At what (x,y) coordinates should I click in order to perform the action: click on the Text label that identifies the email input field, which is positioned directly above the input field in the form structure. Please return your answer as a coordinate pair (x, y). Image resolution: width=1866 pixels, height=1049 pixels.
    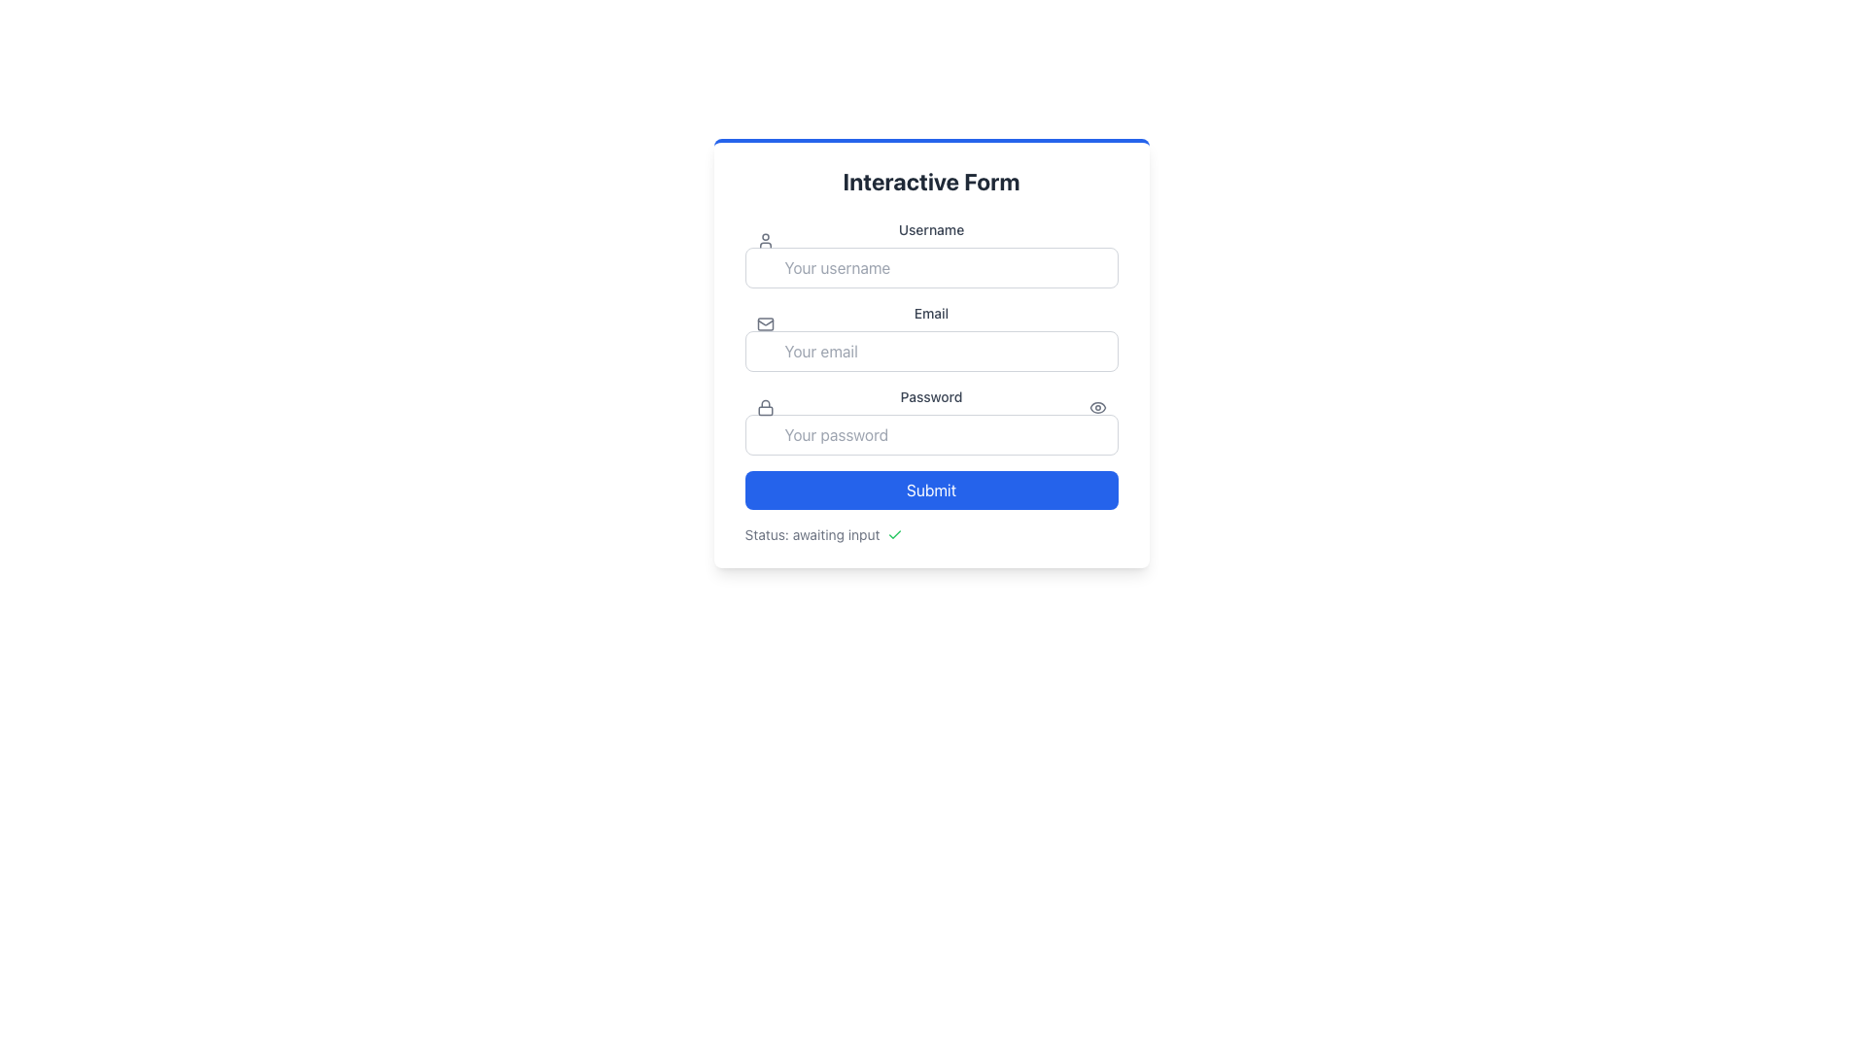
    Looking at the image, I should click on (930, 313).